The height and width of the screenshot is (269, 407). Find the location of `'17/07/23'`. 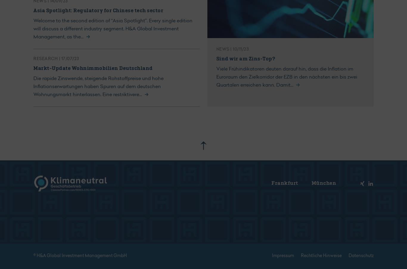

'17/07/23' is located at coordinates (61, 59).